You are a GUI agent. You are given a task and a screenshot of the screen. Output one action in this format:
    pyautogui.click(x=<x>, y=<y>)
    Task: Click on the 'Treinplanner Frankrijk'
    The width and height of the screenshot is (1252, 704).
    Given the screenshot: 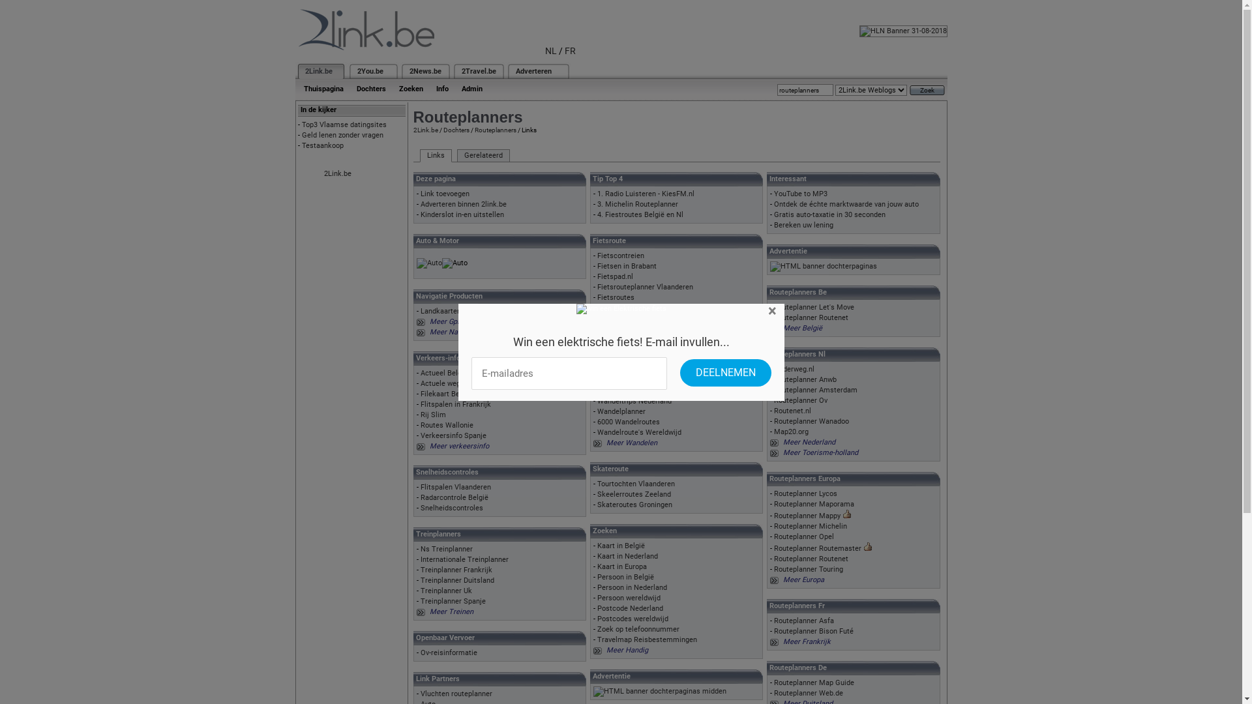 What is the action you would take?
    pyautogui.click(x=419, y=569)
    